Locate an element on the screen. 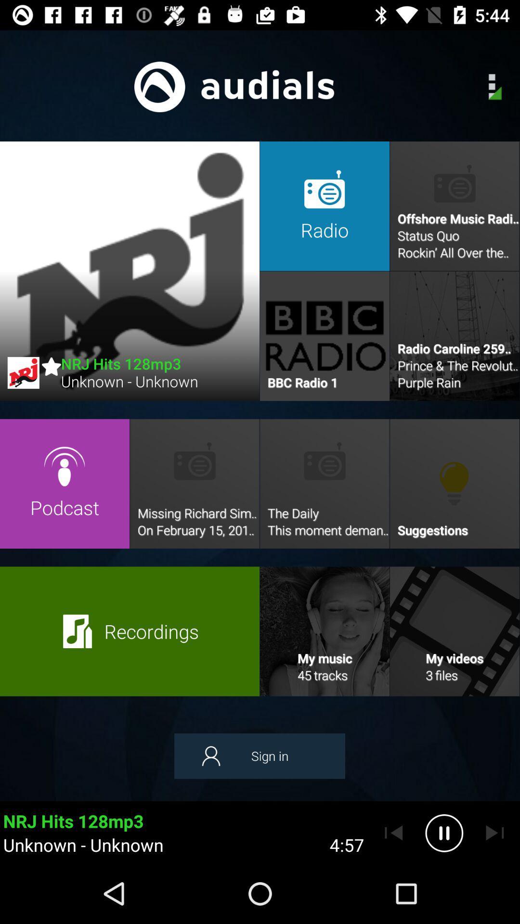 The width and height of the screenshot is (520, 924). previous page is located at coordinates (393, 833).